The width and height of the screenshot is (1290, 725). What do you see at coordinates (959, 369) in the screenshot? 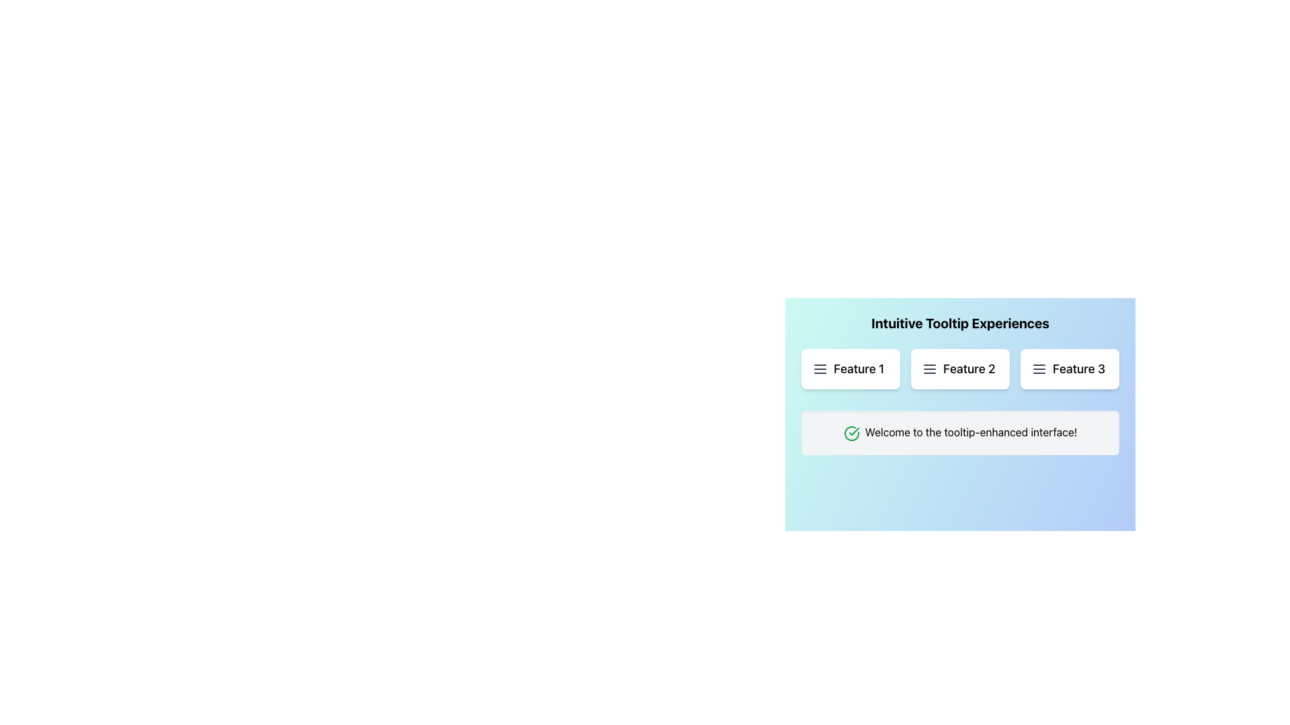
I see `the tile in the grid containing feature tiles located below the heading 'Intuitive Tooltip Experiences'` at bounding box center [959, 369].